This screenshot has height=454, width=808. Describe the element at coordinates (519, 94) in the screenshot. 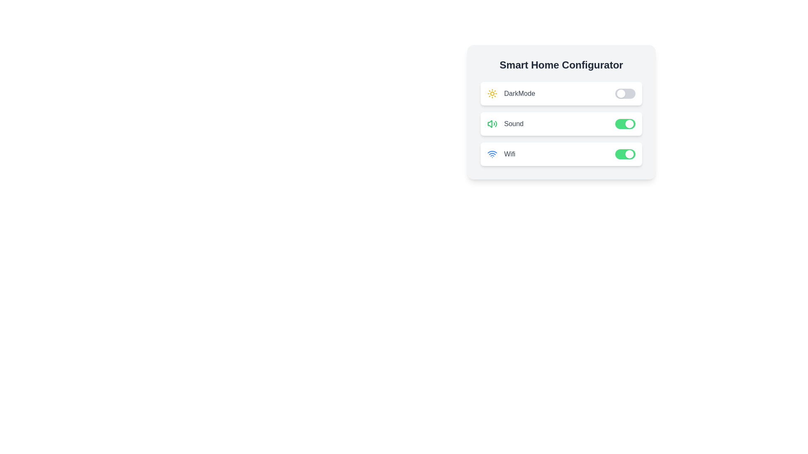

I see `the label for the toggle switch controlling the dark mode setting, which is located in the first row of a vertical list within the Smart Home Configurator card interface, adjacent to a sun icon and a toggle switch` at that location.